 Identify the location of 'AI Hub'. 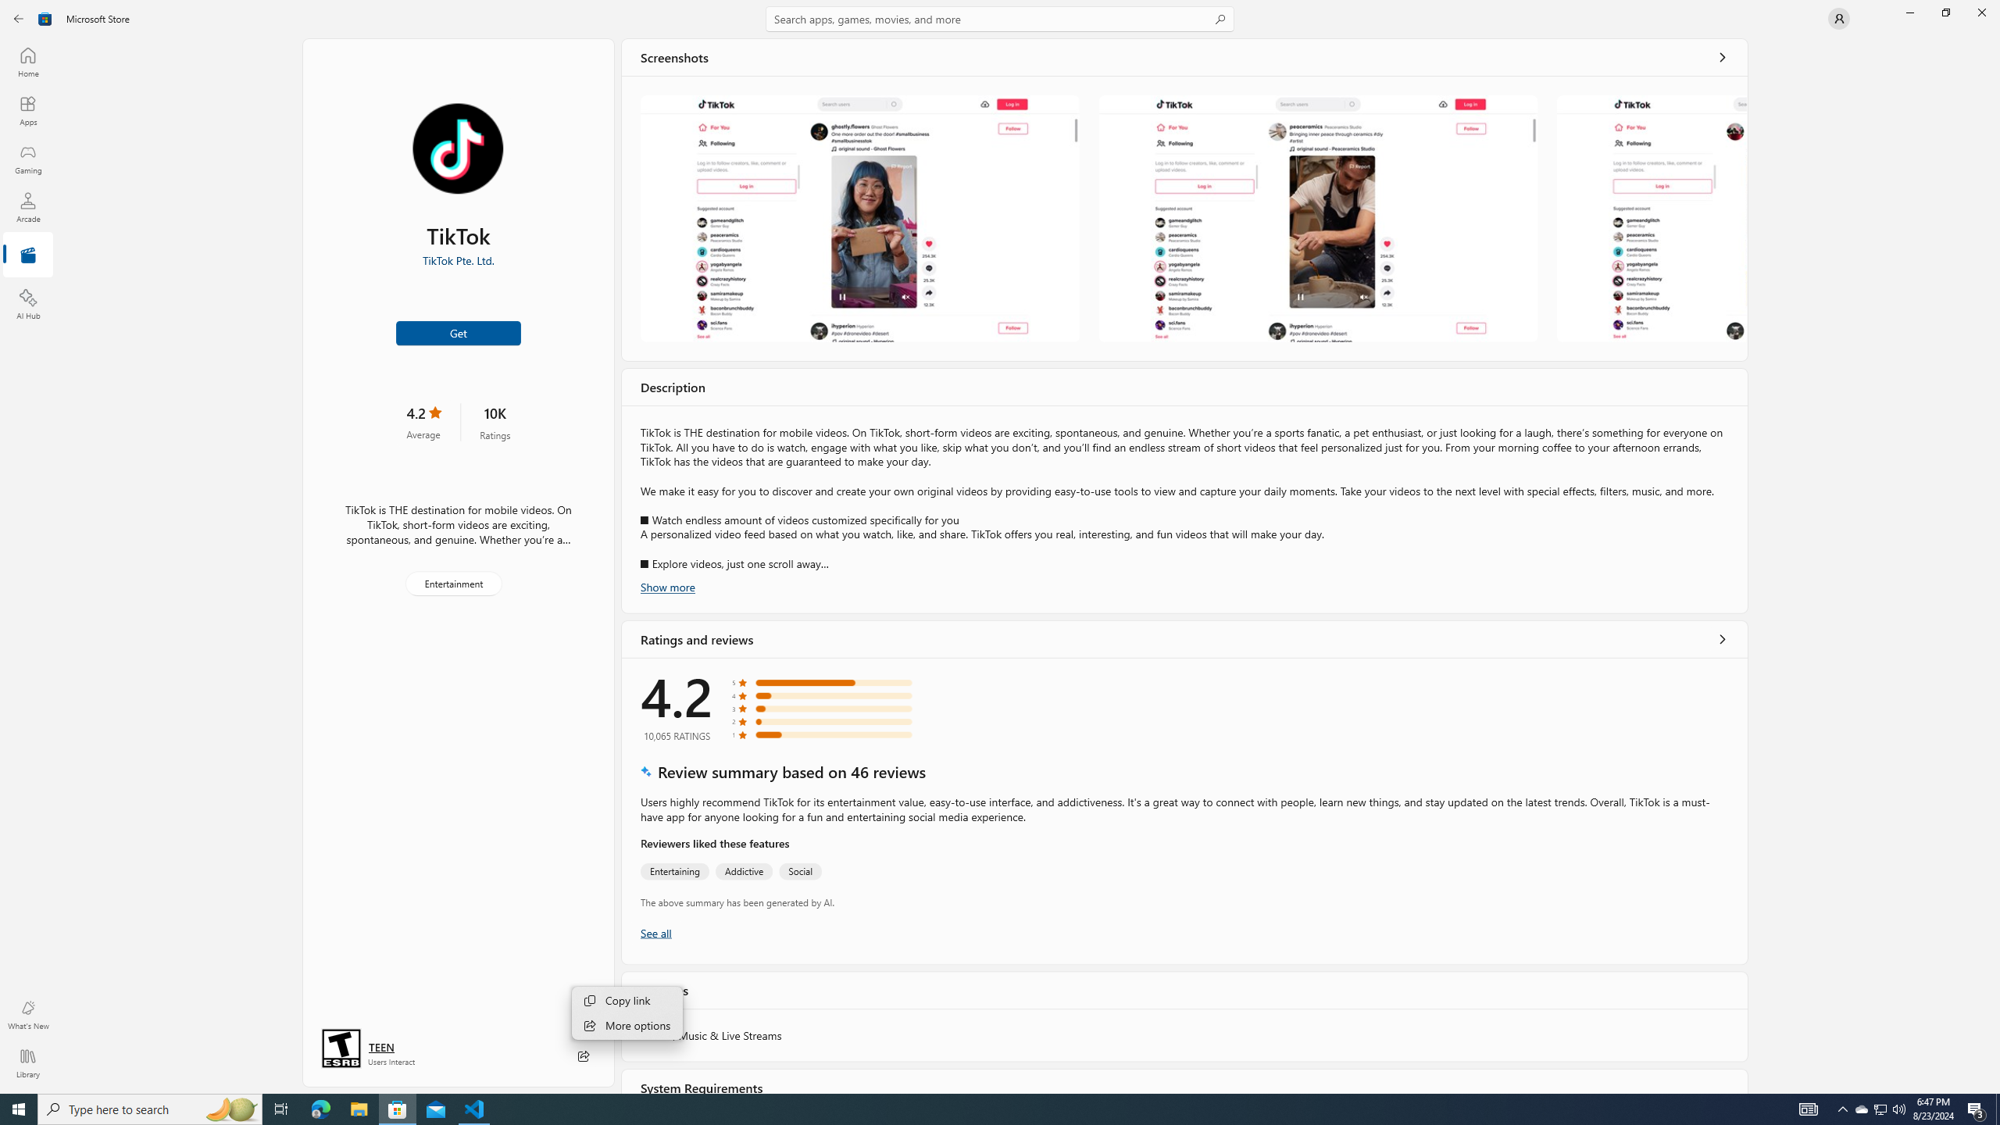
(27, 303).